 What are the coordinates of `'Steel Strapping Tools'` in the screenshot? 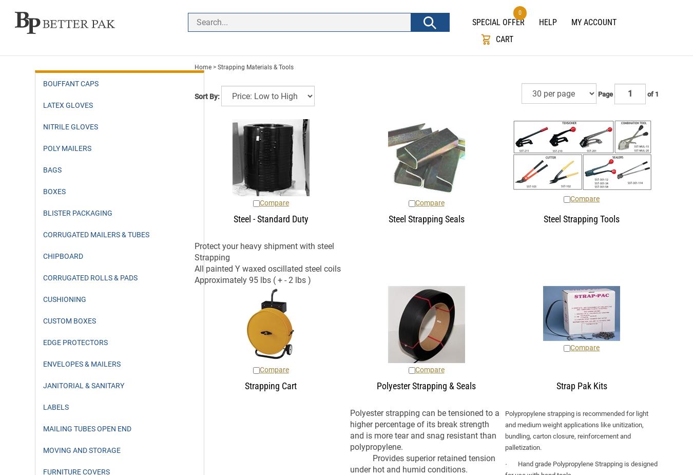 It's located at (581, 218).